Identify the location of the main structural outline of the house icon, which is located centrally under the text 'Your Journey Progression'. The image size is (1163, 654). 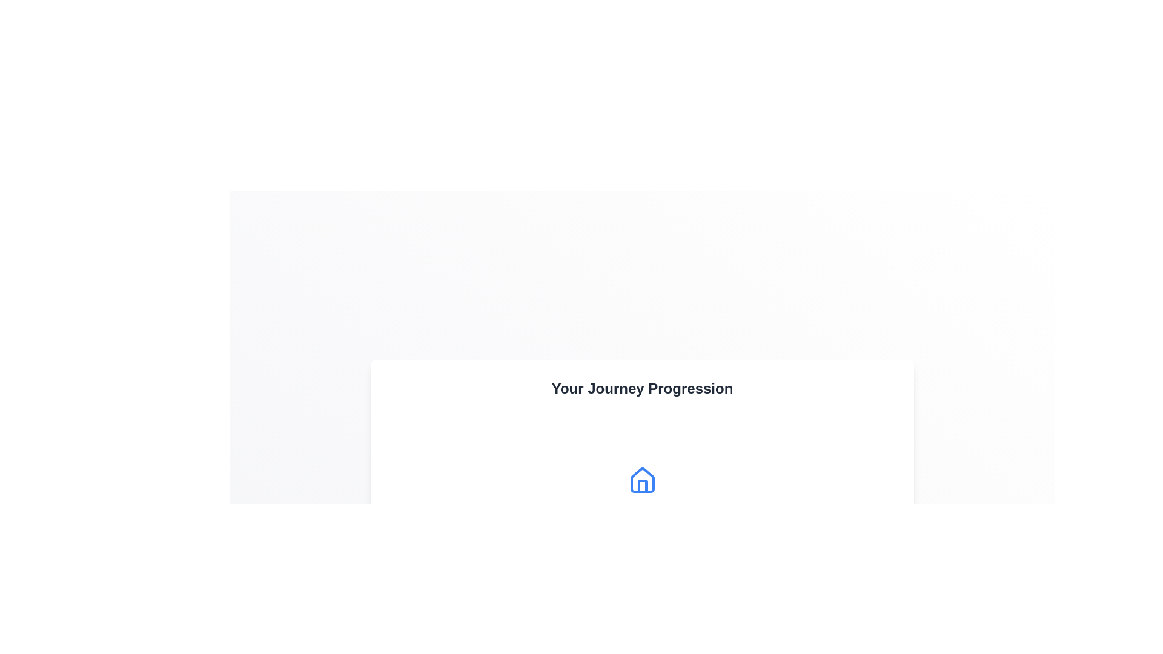
(641, 480).